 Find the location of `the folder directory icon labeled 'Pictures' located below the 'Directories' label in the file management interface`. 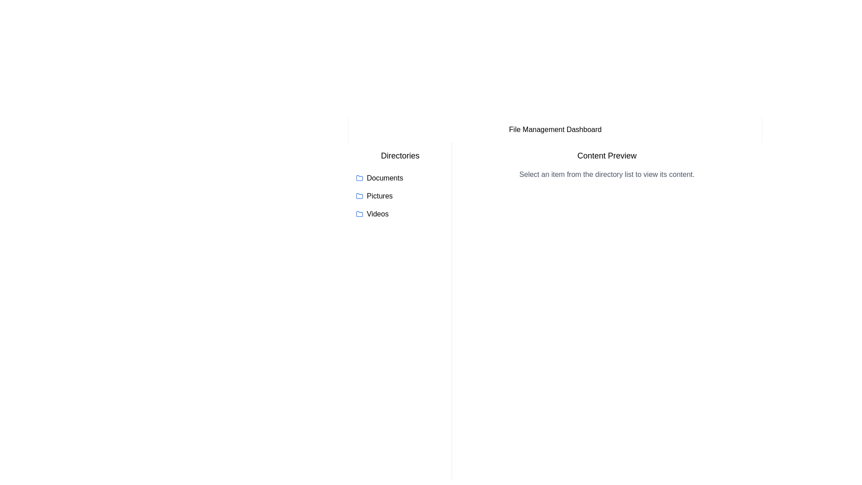

the folder directory icon labeled 'Pictures' located below the 'Directories' label in the file management interface is located at coordinates (360, 195).